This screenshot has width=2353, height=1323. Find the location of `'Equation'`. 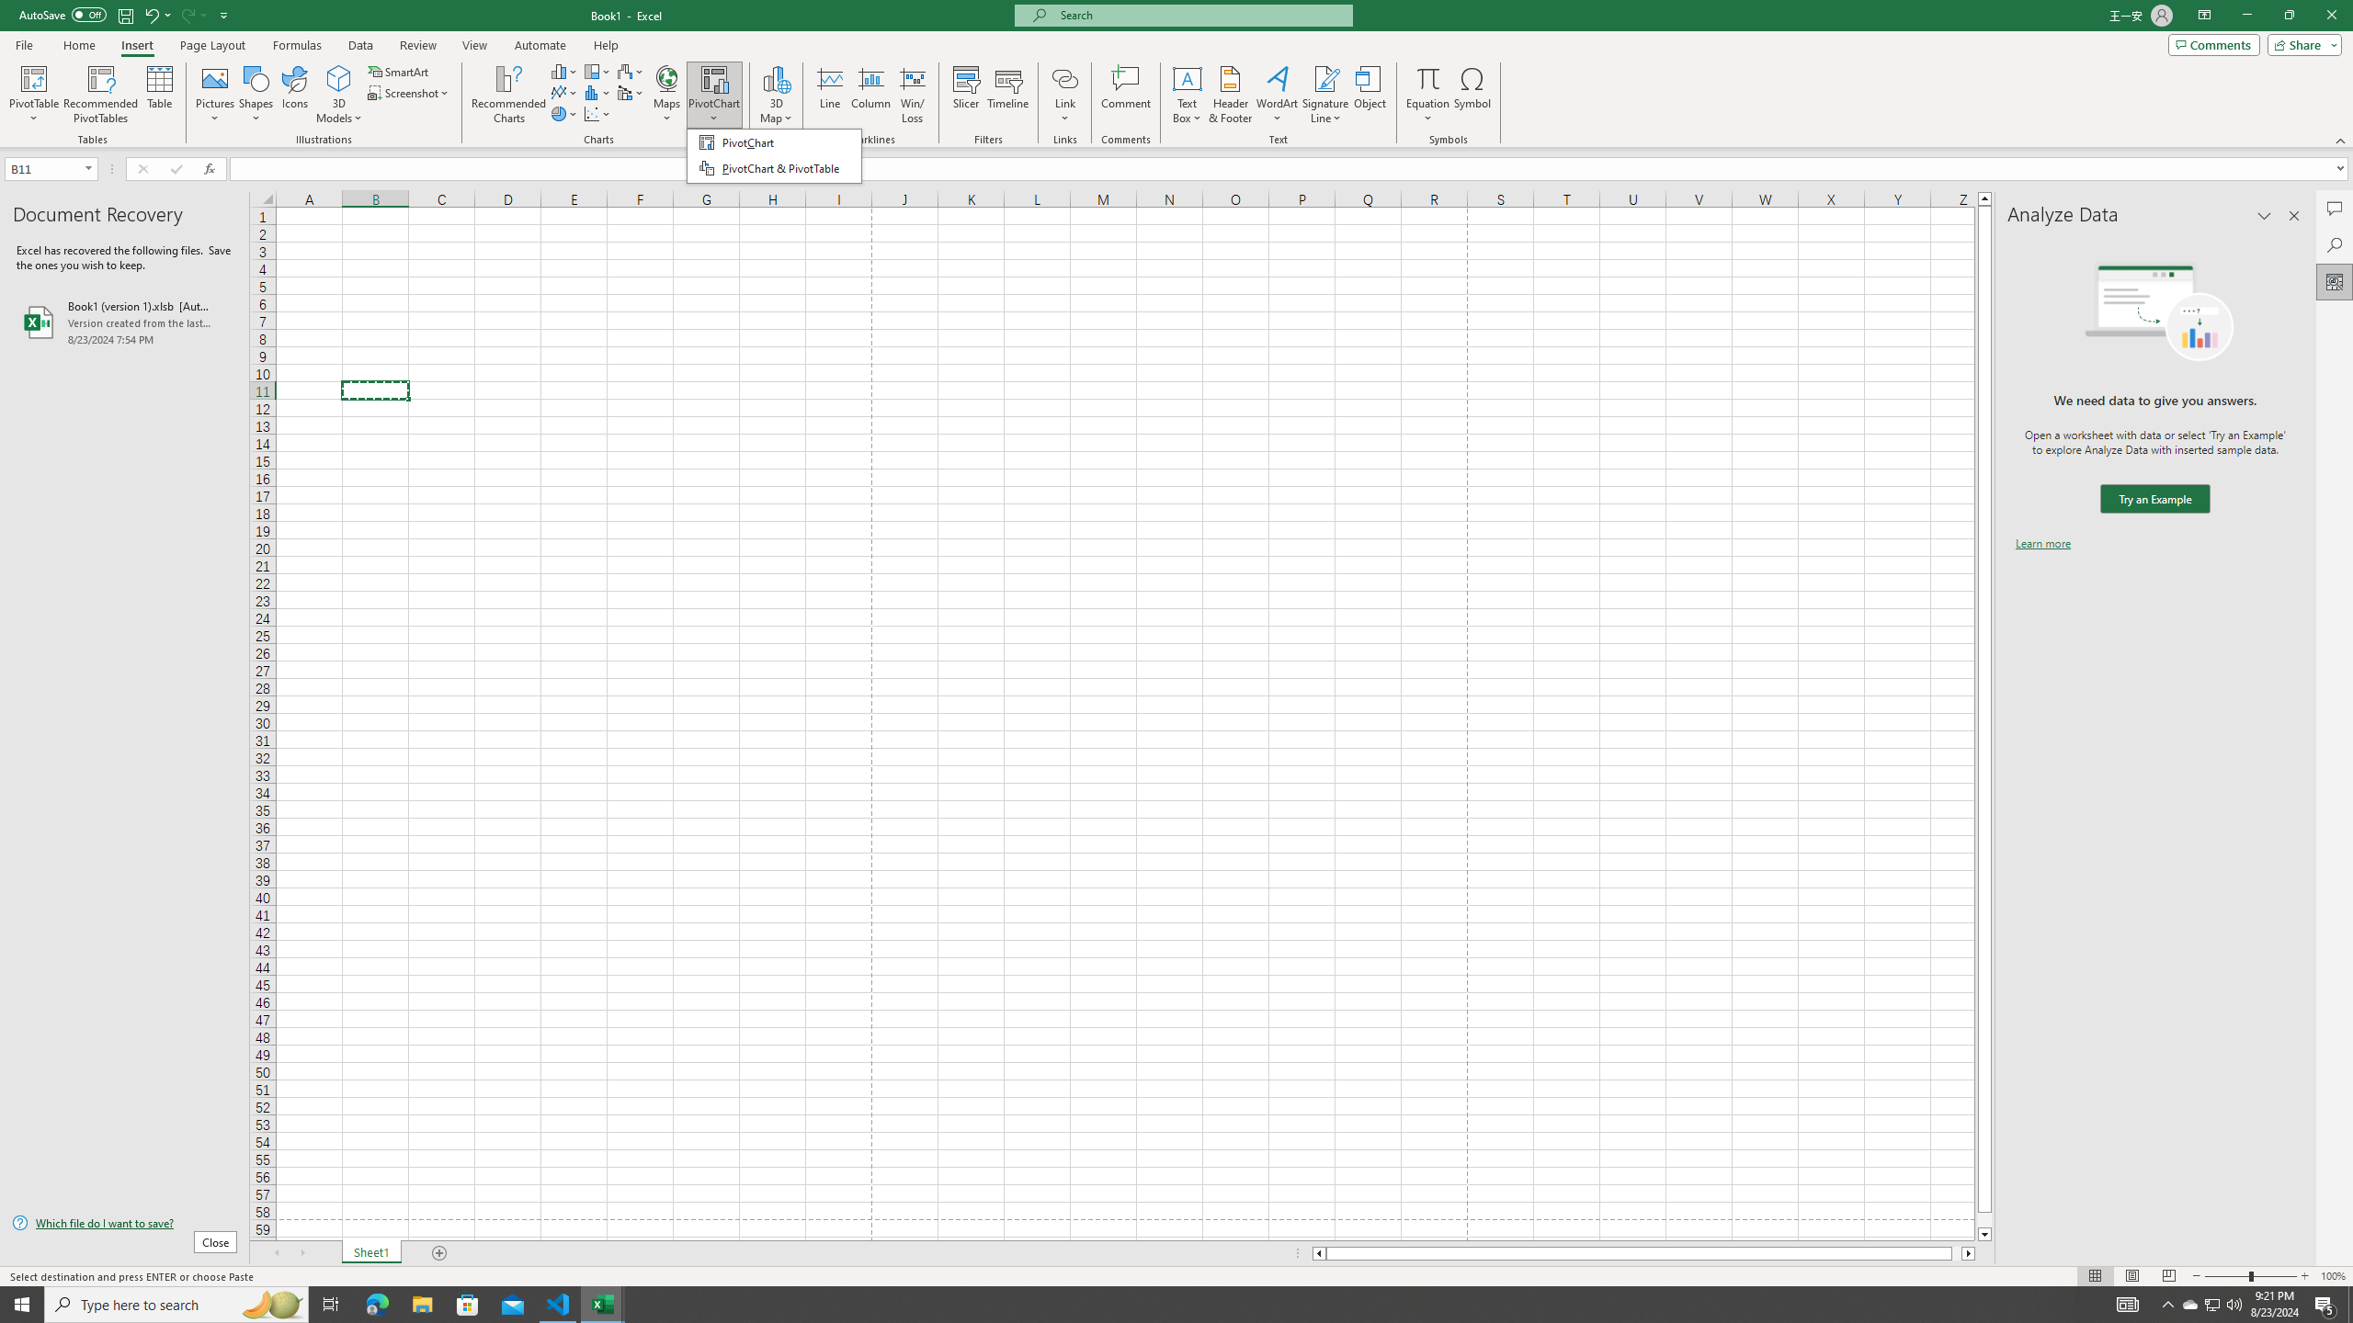

'Equation' is located at coordinates (1427, 95).